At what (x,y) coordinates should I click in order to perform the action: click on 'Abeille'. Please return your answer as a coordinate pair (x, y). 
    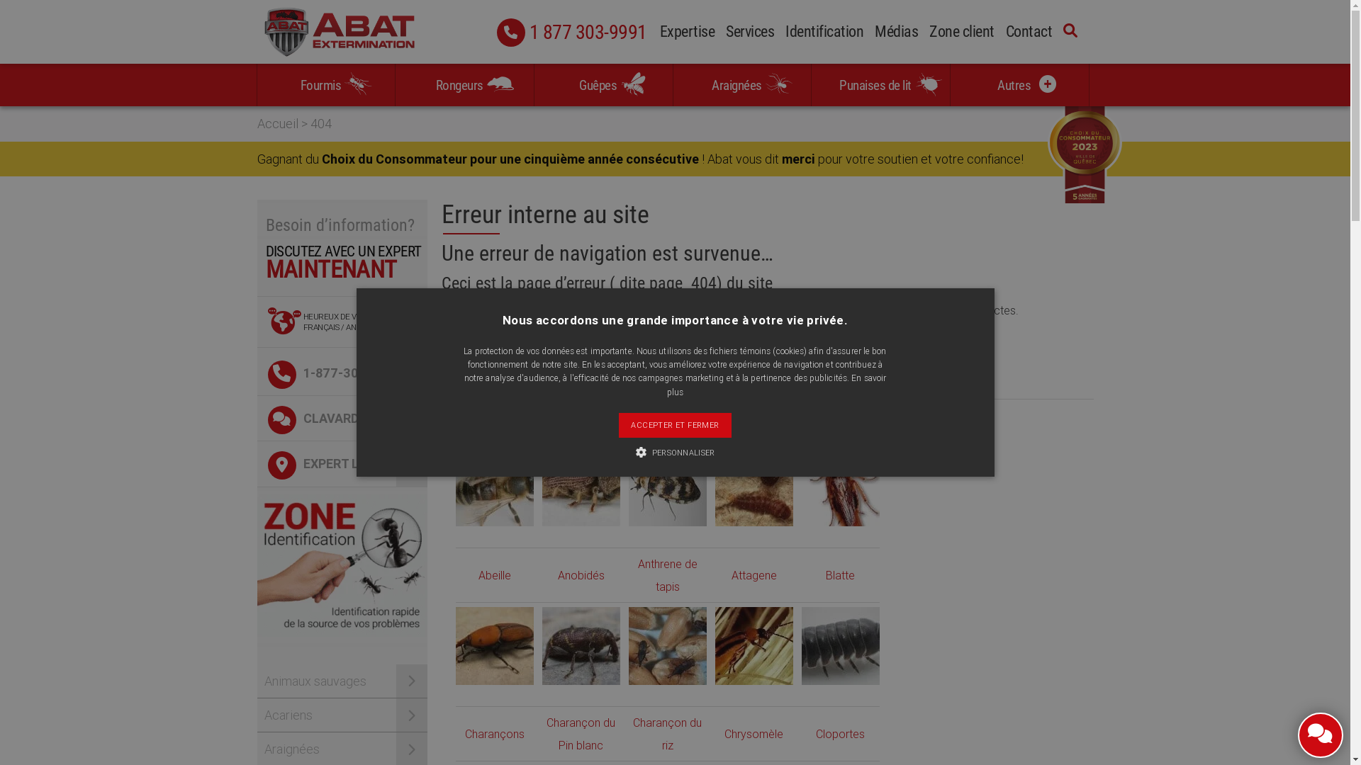
    Looking at the image, I should click on (493, 575).